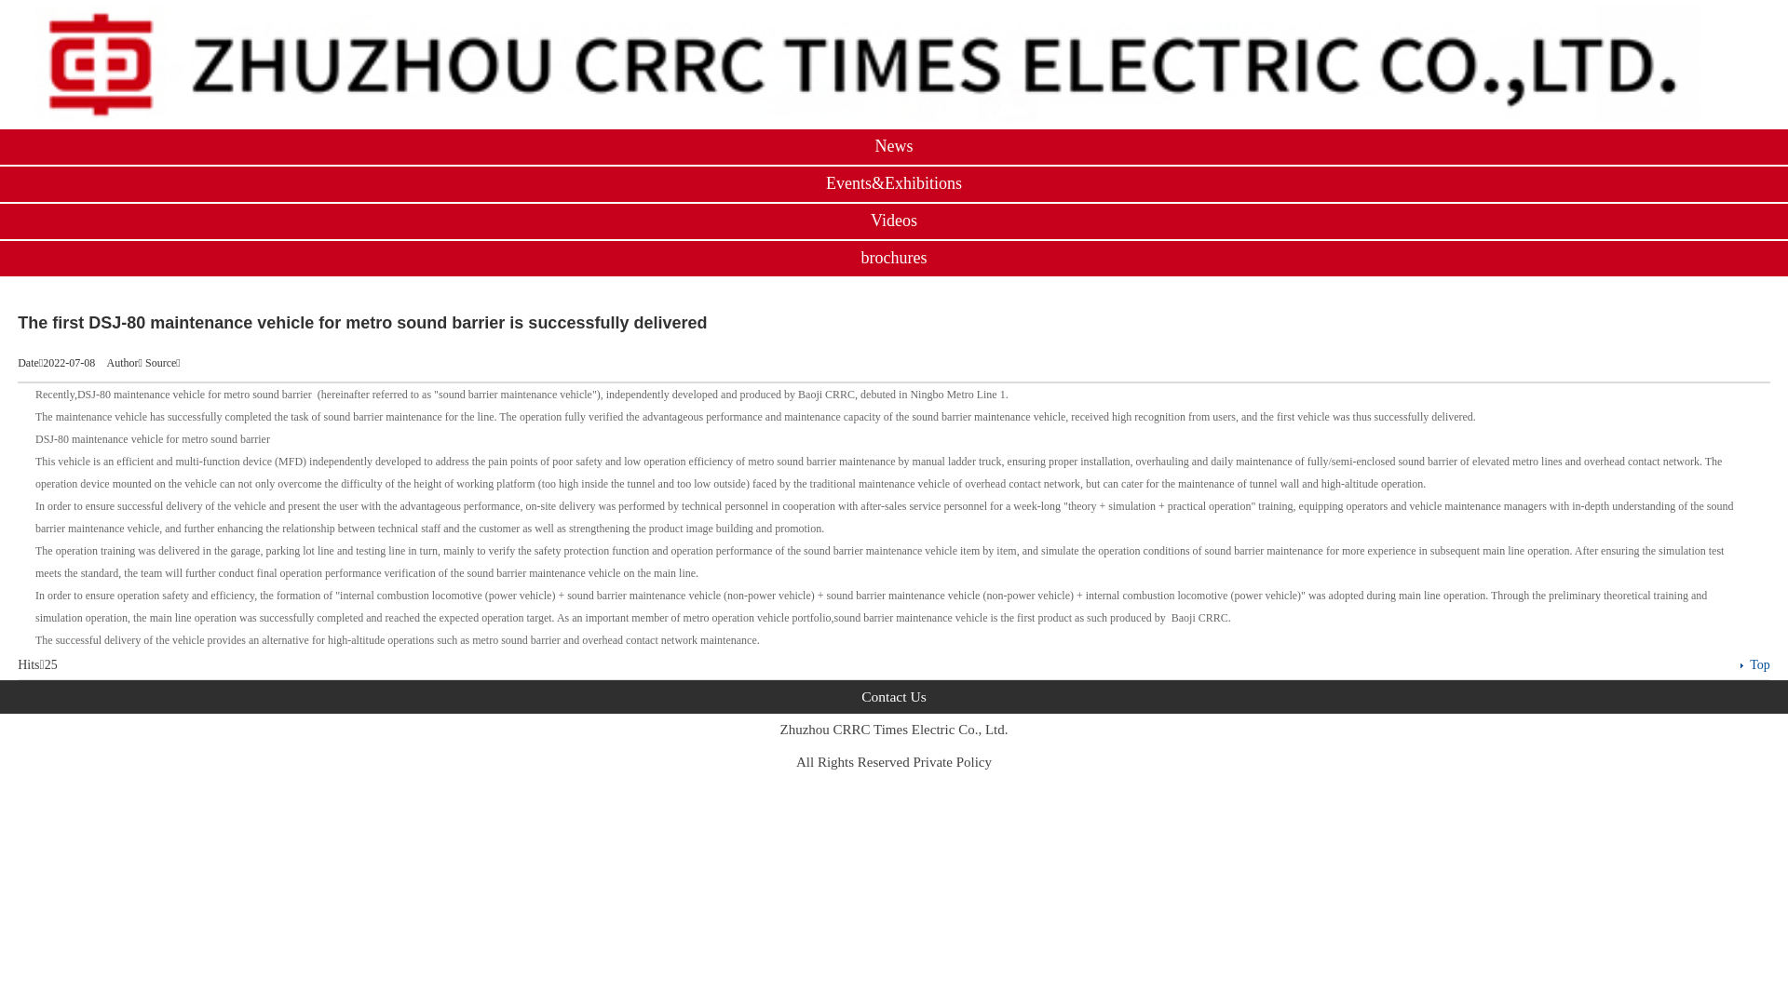  I want to click on 'Contact Us', so click(894, 696).